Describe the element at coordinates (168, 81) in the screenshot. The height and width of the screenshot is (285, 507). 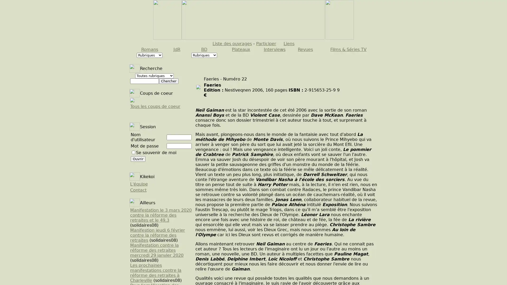
I see `Chercher` at that location.